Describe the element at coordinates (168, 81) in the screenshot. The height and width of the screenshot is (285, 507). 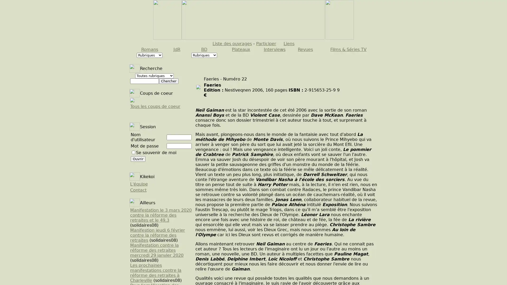
I see `Chercher` at that location.